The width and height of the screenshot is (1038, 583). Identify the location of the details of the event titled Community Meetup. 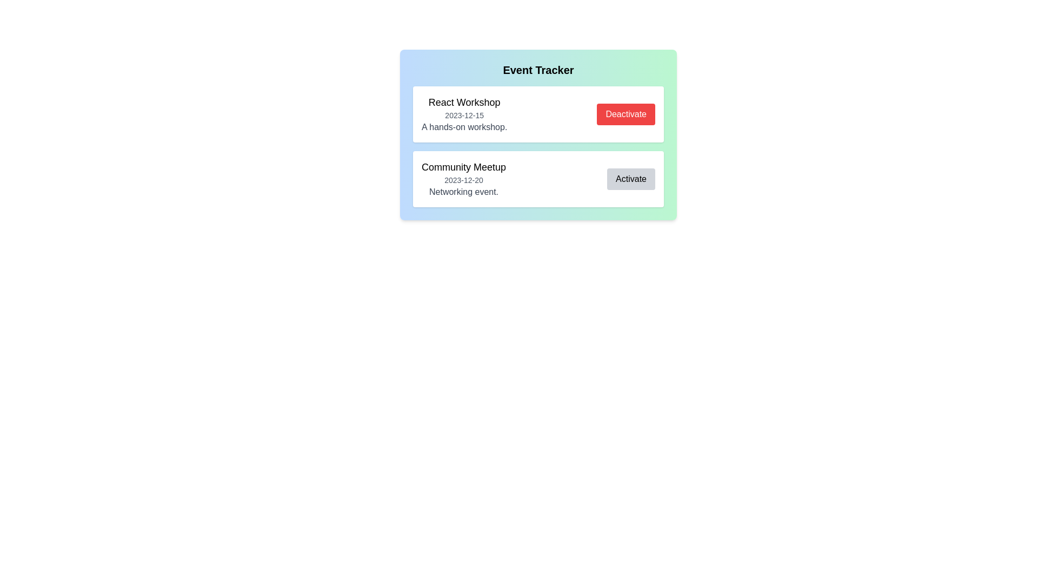
(464, 178).